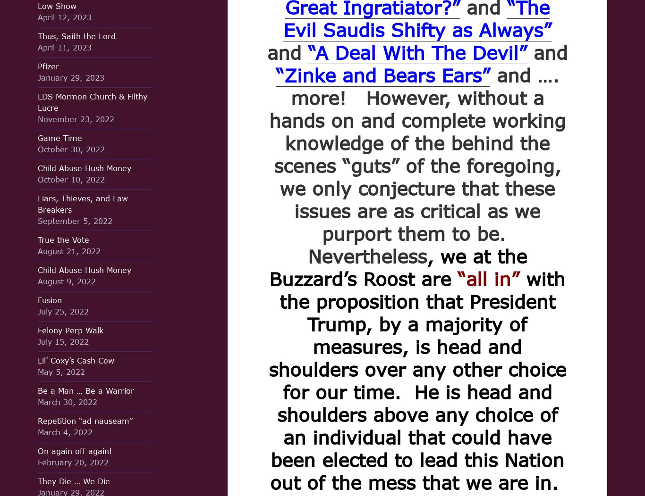  I want to click on '“A Deal With The Devil”', so click(307, 52).